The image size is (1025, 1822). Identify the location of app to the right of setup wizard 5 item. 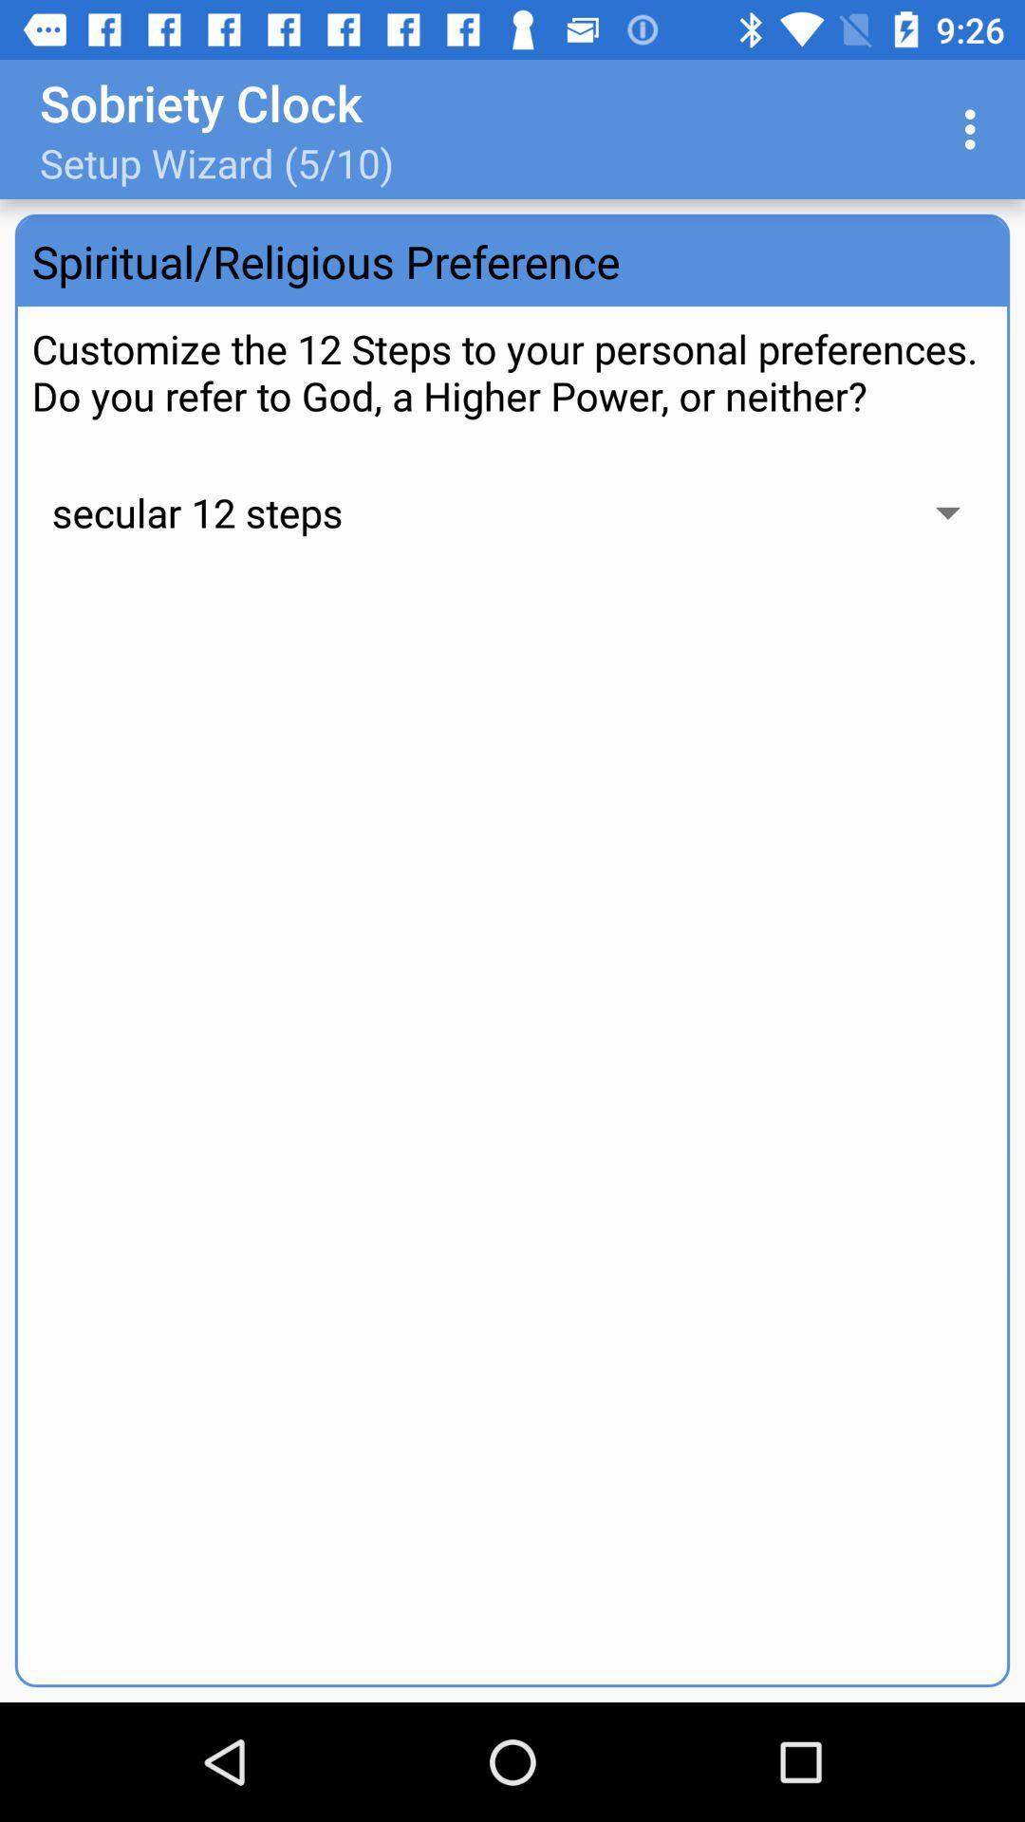
(975, 128).